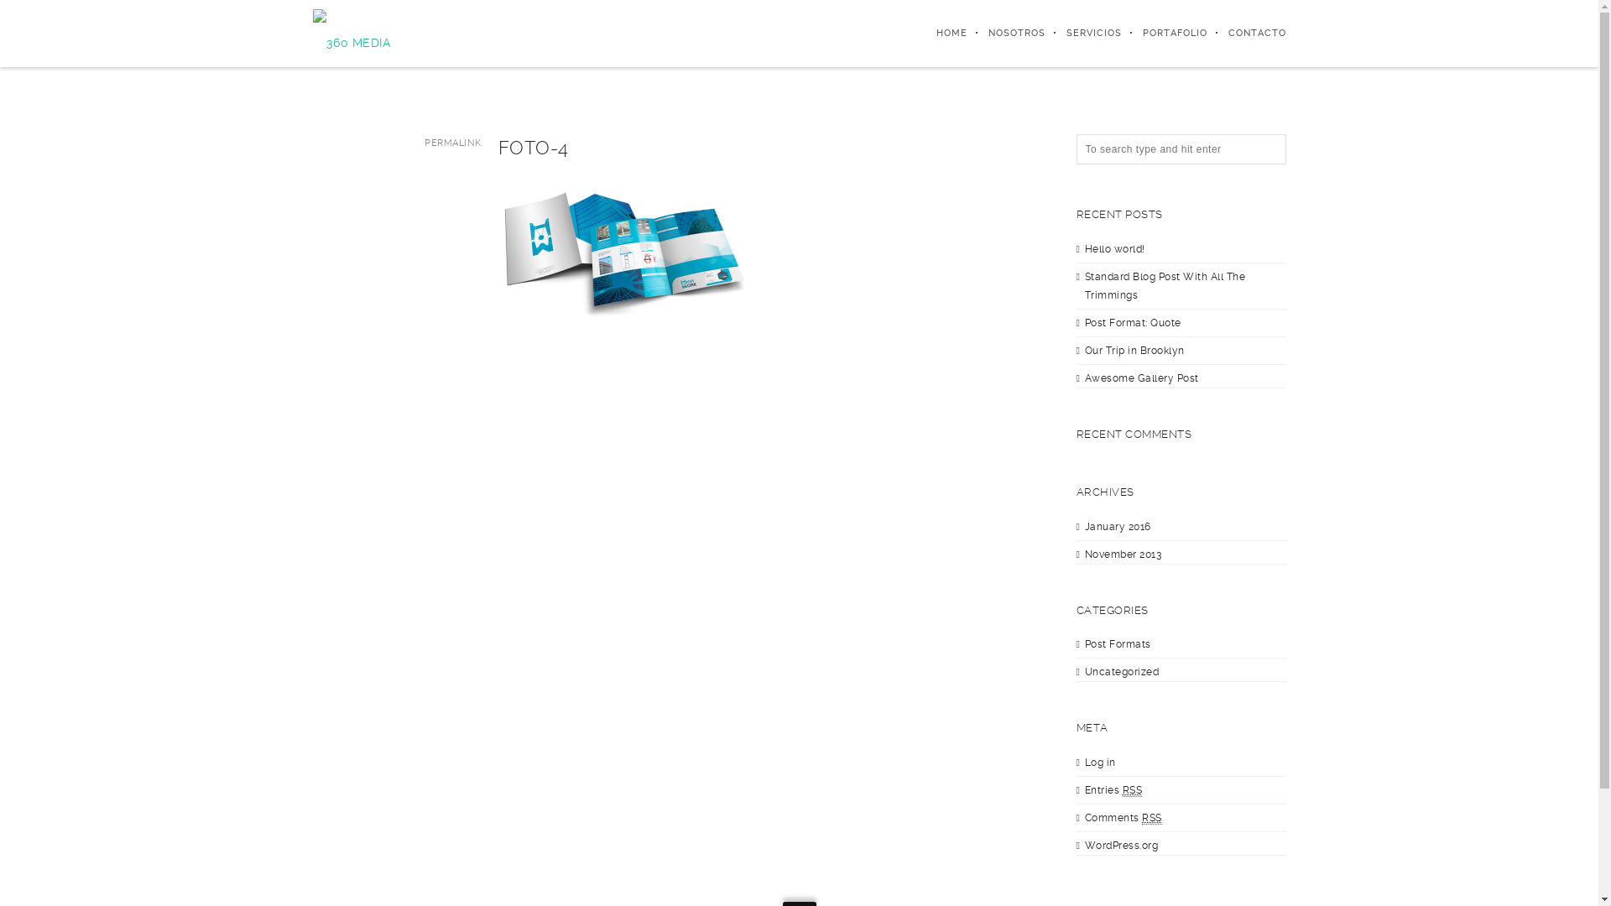 The image size is (1611, 906). I want to click on 'Entries RSS', so click(1113, 789).